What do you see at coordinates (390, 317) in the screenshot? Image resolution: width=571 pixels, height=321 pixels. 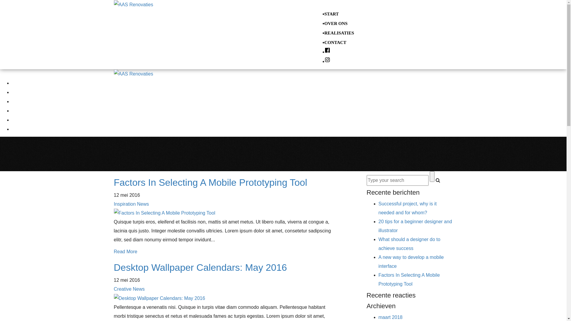 I see `'maart 2018'` at bounding box center [390, 317].